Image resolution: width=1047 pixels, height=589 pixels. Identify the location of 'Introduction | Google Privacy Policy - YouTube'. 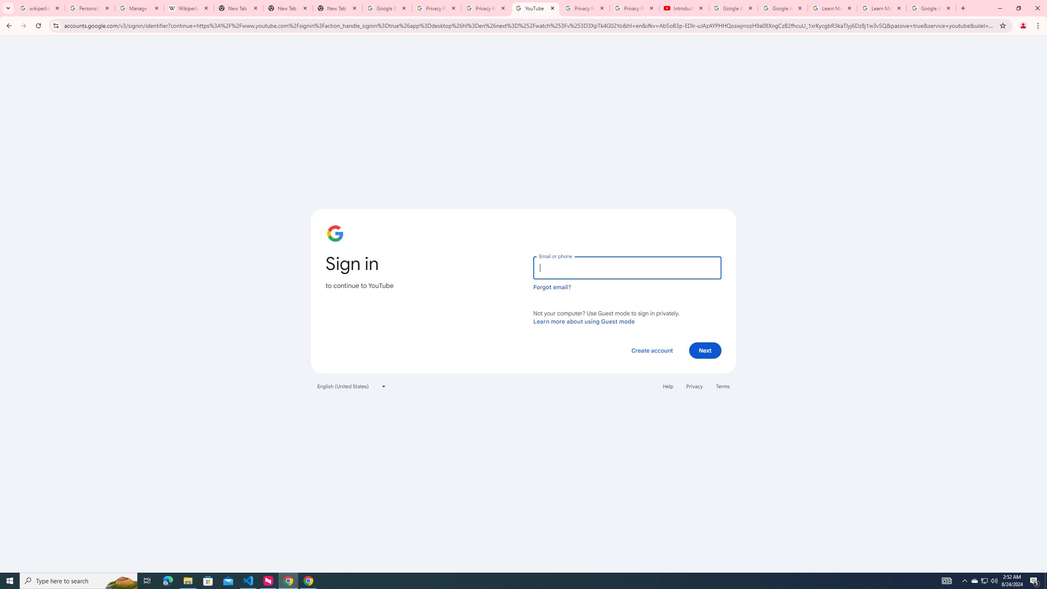
(683, 8).